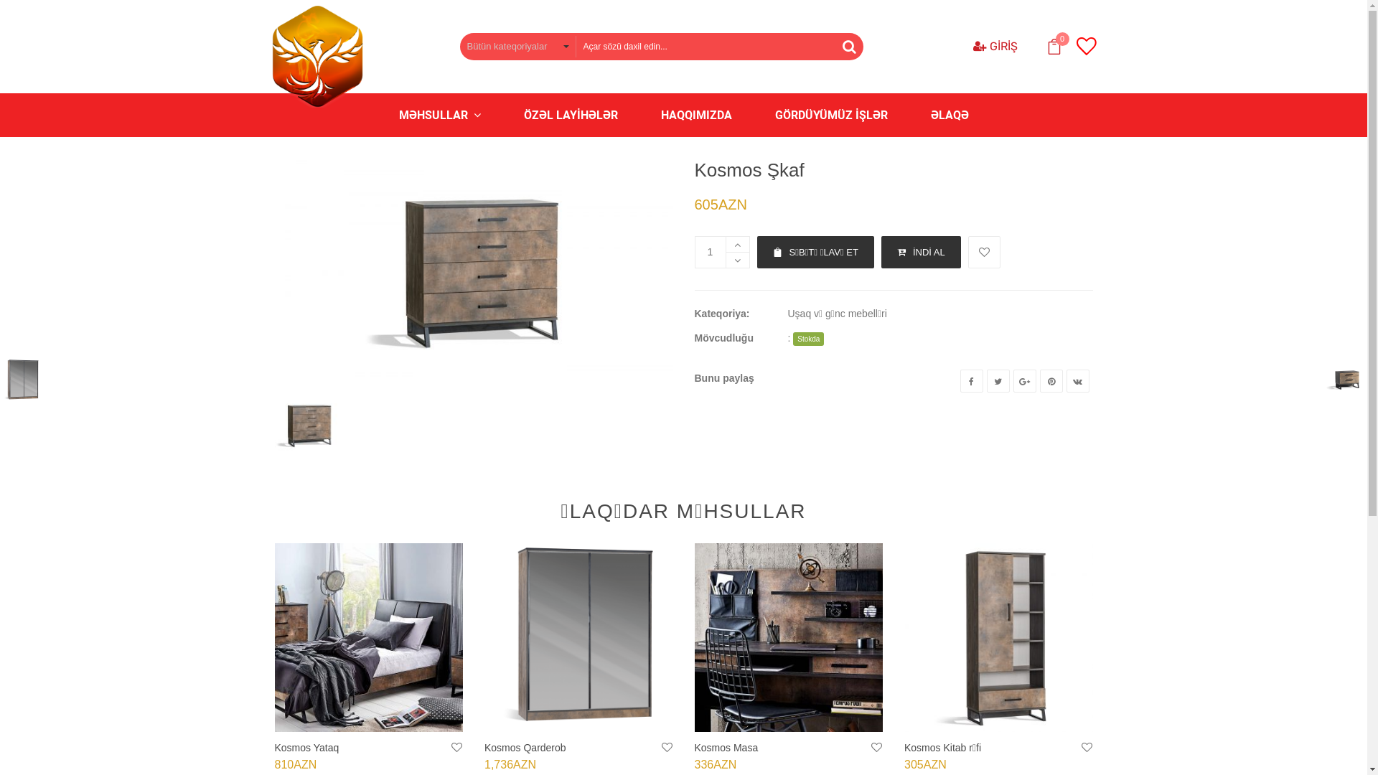 The width and height of the screenshot is (1378, 775). Describe the element at coordinates (726, 746) in the screenshot. I see `'Kosmos Masa'` at that location.